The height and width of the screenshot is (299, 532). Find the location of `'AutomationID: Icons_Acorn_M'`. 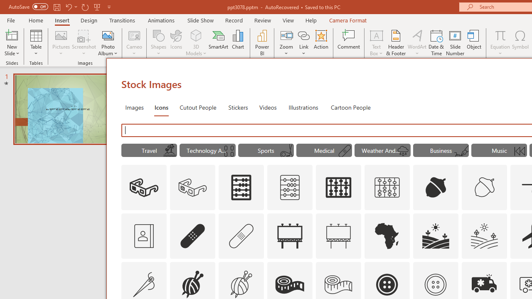

'AutomationID: Icons_Acorn_M' is located at coordinates (485, 188).